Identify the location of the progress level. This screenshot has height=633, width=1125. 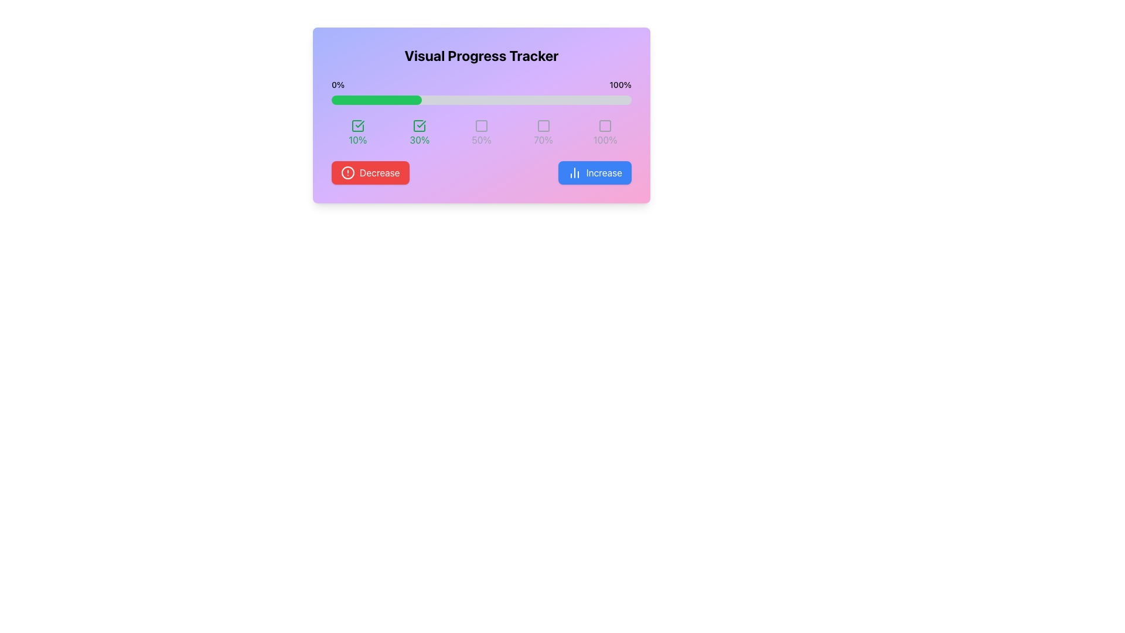
(532, 99).